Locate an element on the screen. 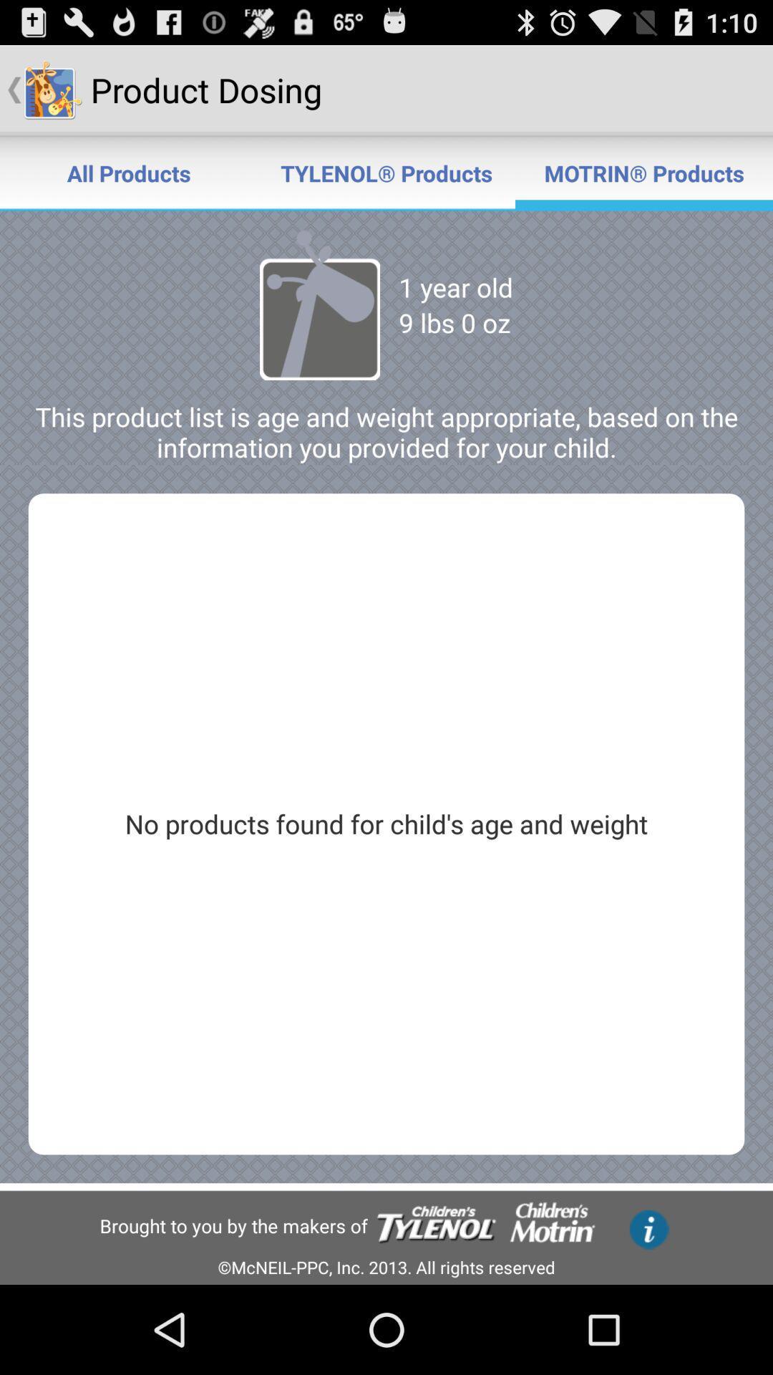 This screenshot has width=773, height=1375. the icon next to all products item is located at coordinates (386, 172).